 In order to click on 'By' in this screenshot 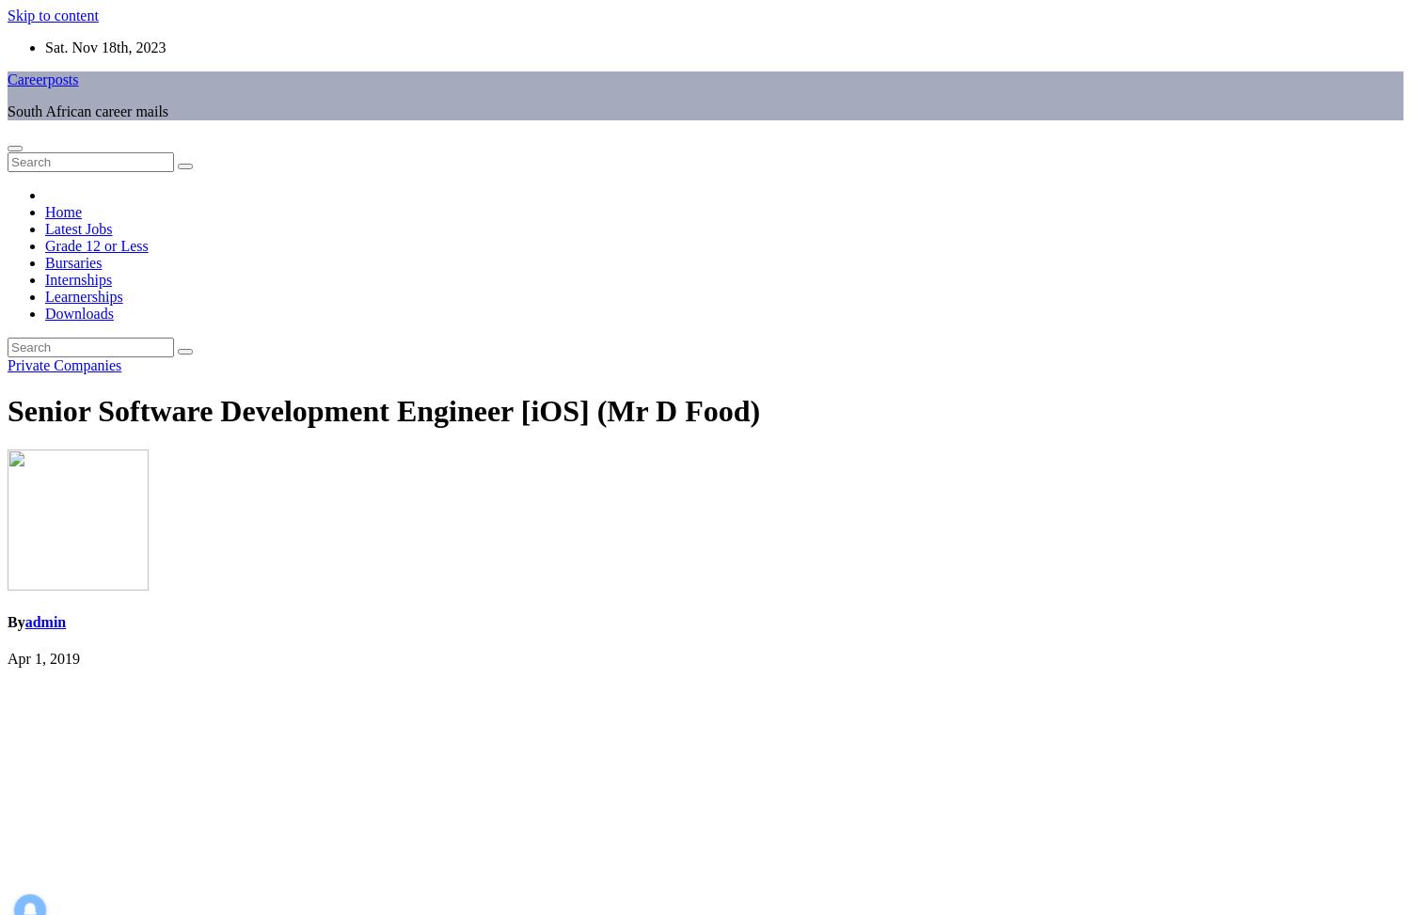, I will do `click(7, 621)`.